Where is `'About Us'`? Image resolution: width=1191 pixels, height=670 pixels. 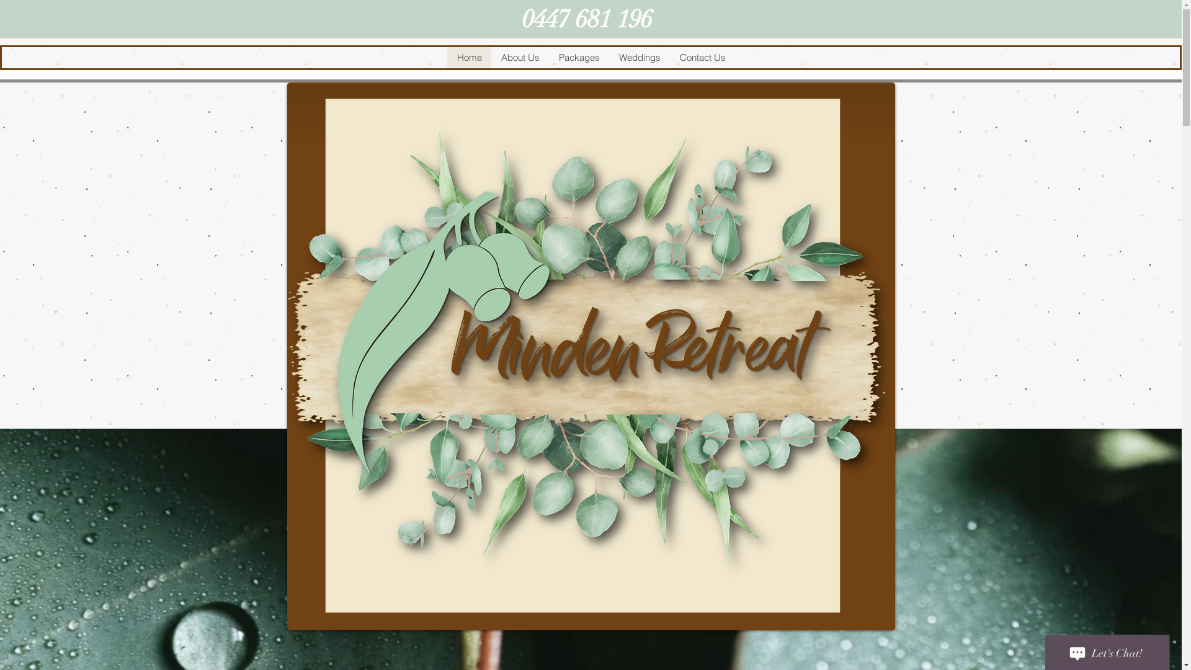
'About Us' is located at coordinates (520, 57).